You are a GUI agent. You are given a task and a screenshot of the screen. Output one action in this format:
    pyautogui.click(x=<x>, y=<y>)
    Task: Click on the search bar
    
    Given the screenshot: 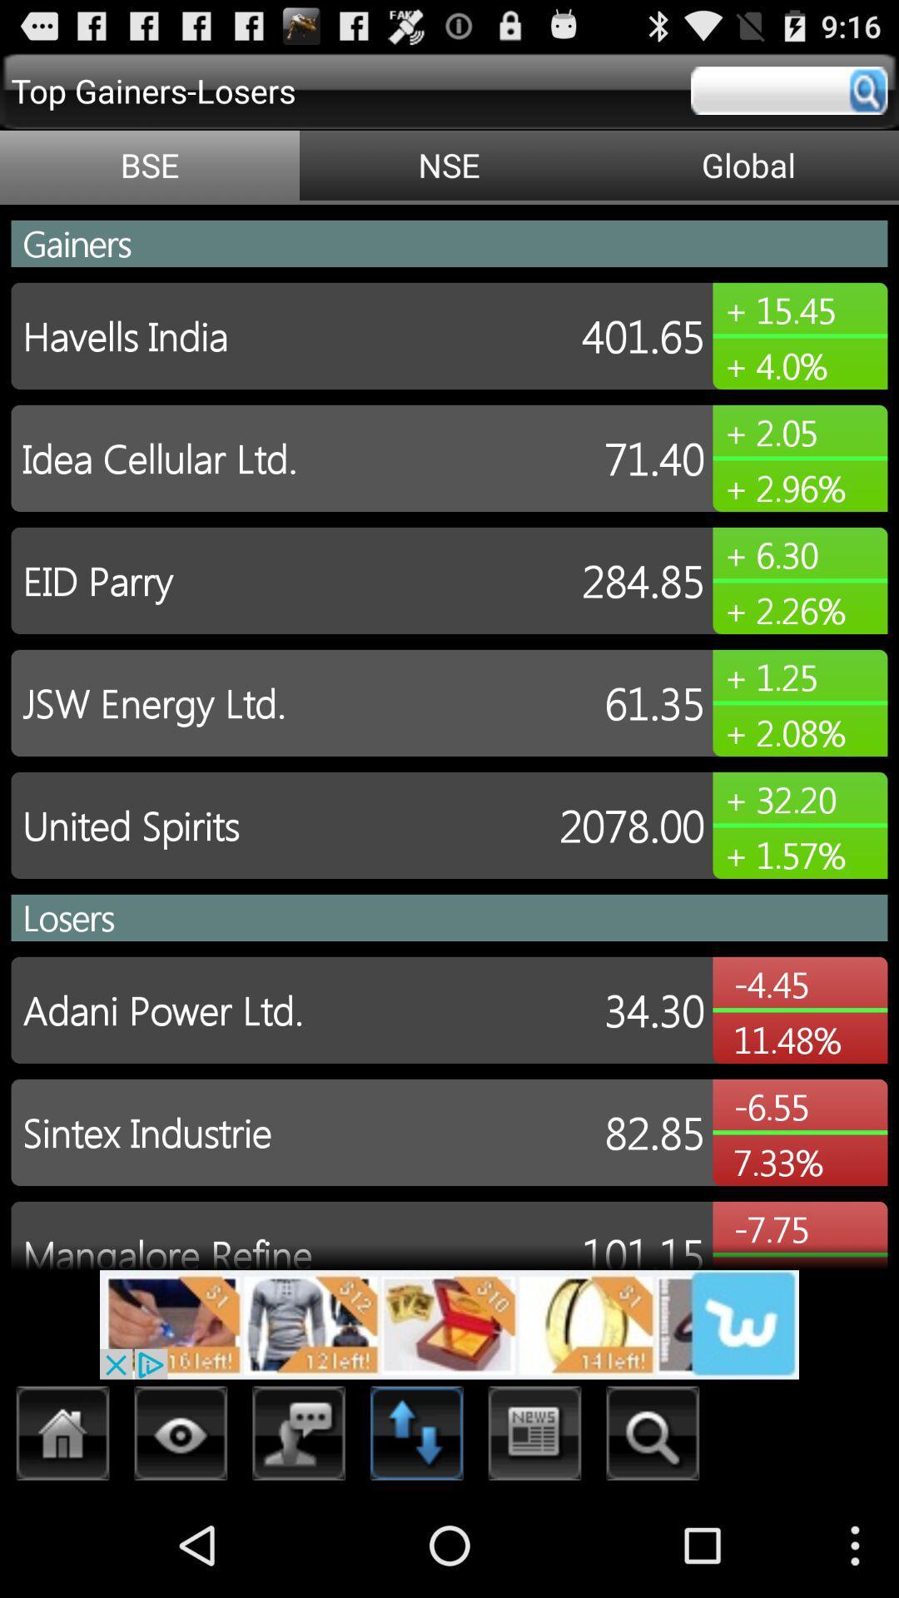 What is the action you would take?
    pyautogui.click(x=788, y=90)
    